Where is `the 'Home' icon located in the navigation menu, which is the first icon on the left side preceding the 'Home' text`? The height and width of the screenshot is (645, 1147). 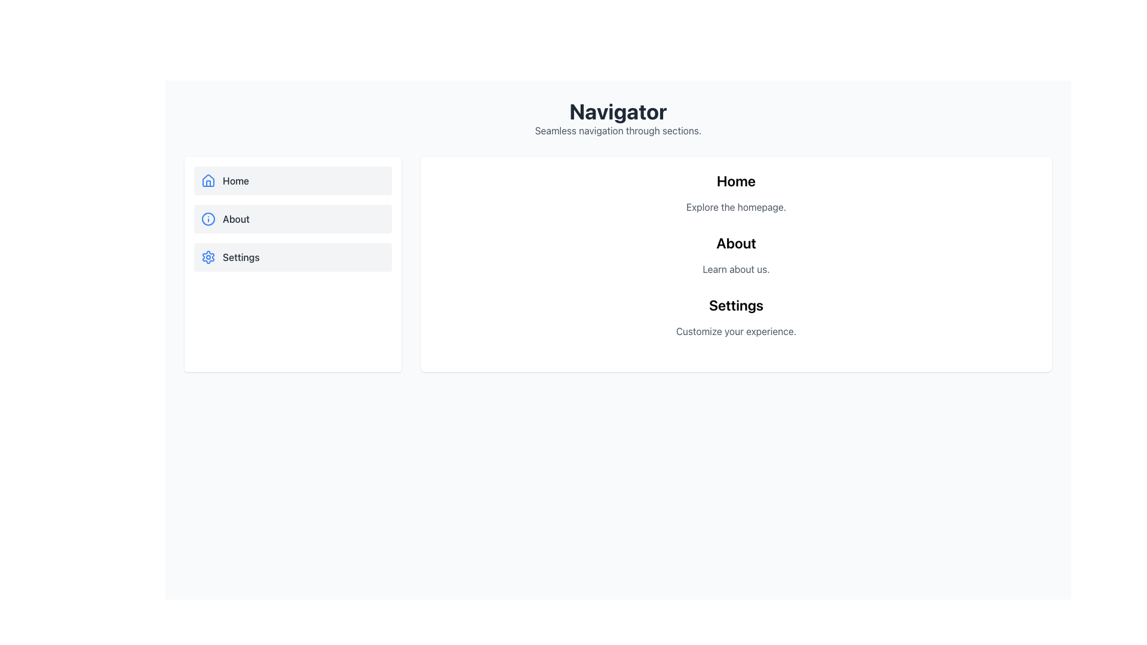 the 'Home' icon located in the navigation menu, which is the first icon on the left side preceding the 'Home' text is located at coordinates (208, 180).